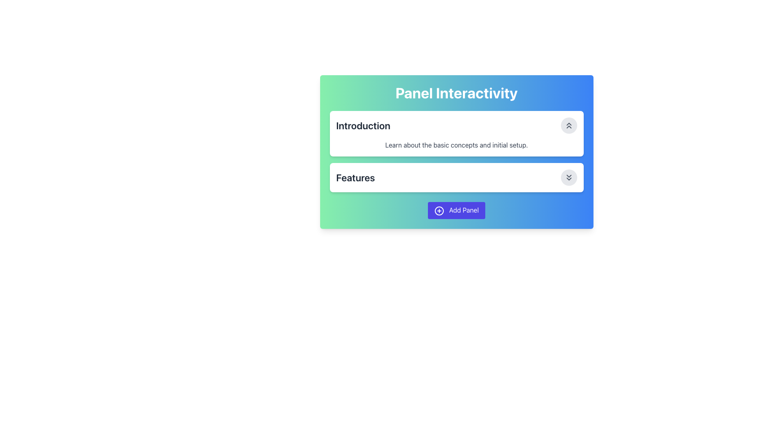 Image resolution: width=781 pixels, height=439 pixels. Describe the element at coordinates (456, 92) in the screenshot. I see `the Text Label at the top of the gradient rectangular panel, which serves as the title for the content below it` at that location.